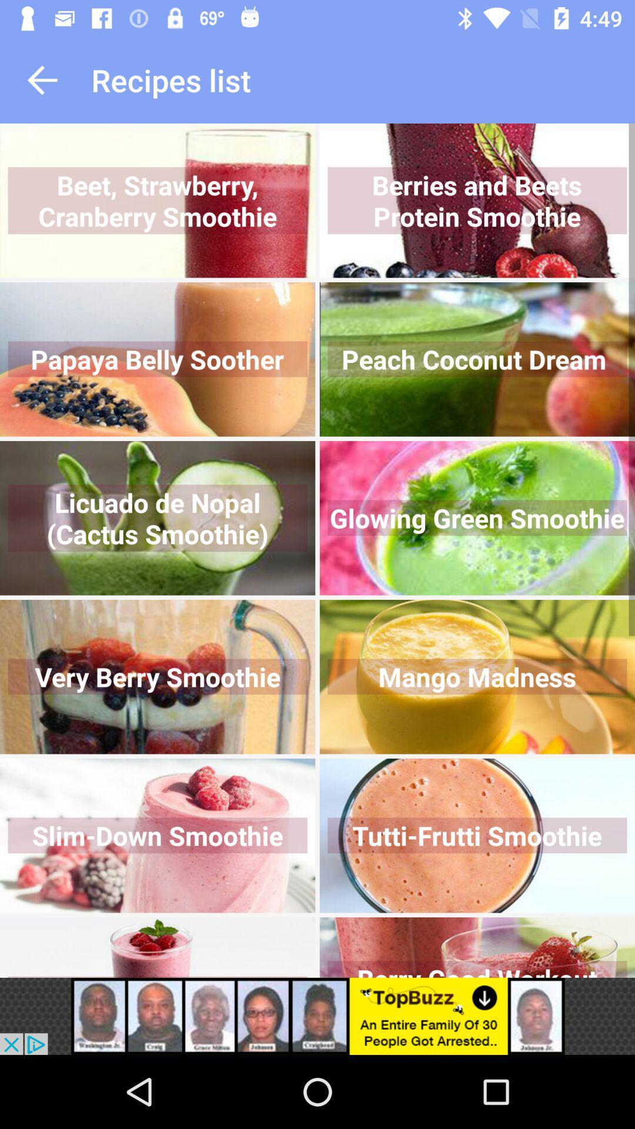 The image size is (635, 1129). I want to click on previous, so click(42, 79).